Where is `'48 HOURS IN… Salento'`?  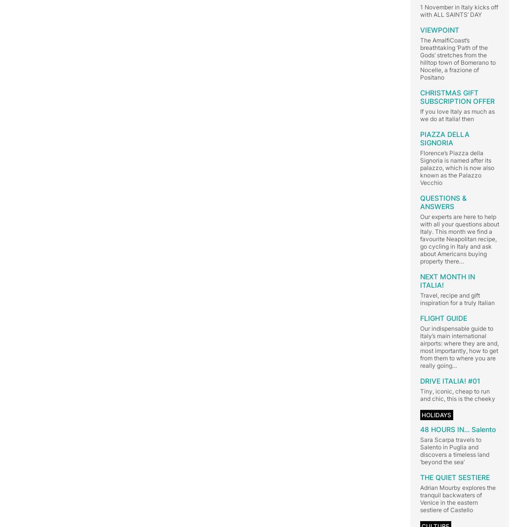 '48 HOURS IN… Salento' is located at coordinates (458, 429).